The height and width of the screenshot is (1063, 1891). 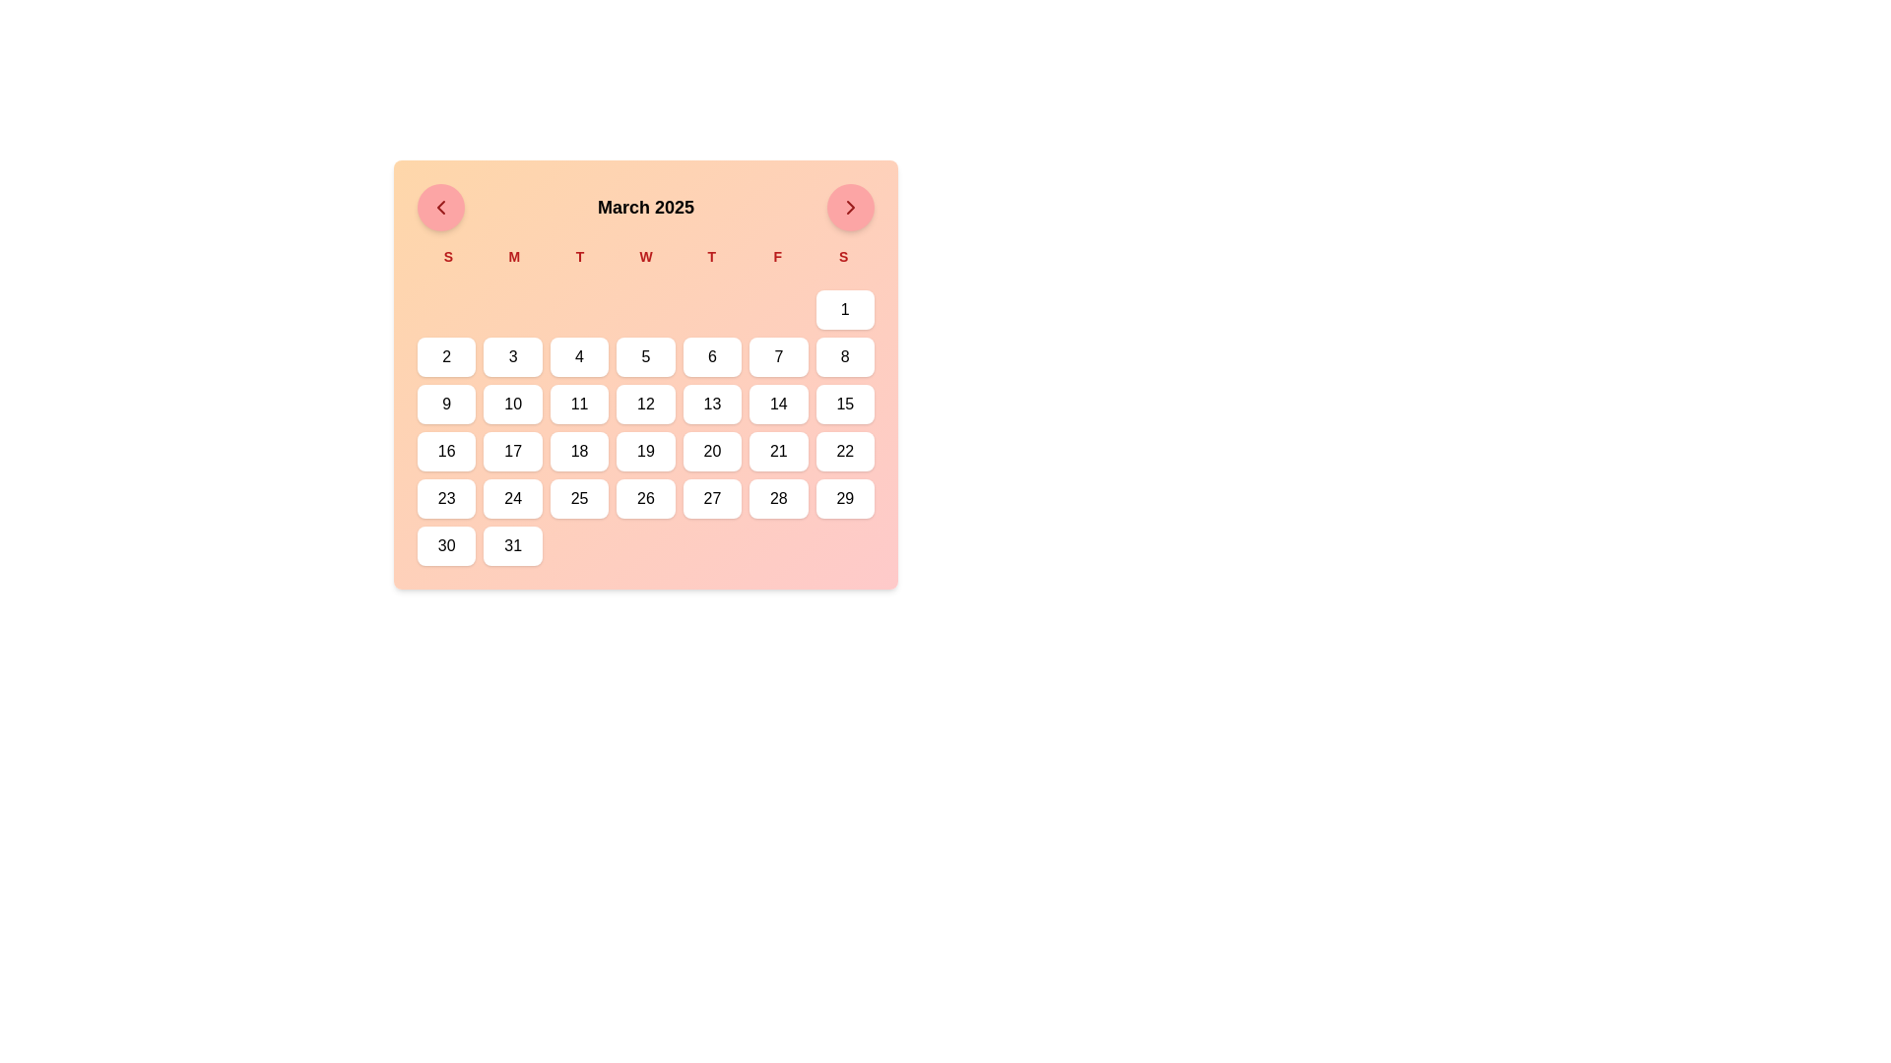 I want to click on the white rectangular button with rounded corners containing the number '11', so click(x=578, y=404).